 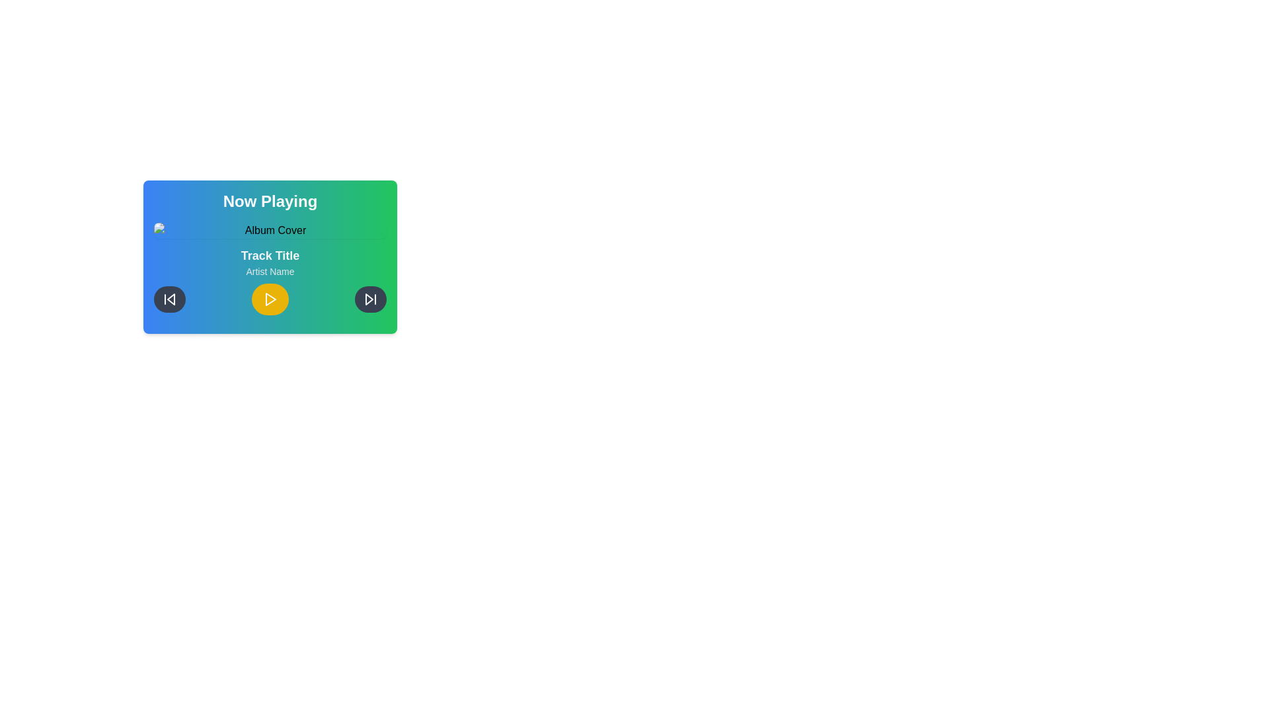 What do you see at coordinates (270, 299) in the screenshot?
I see `the interactive play button located centrally beneath the song title and artist name` at bounding box center [270, 299].